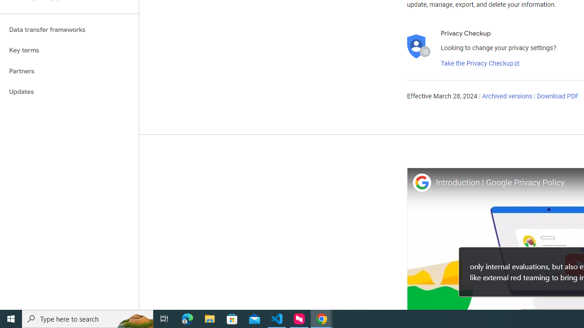 This screenshot has height=328, width=584. Describe the element at coordinates (557, 97) in the screenshot. I see `'Download PDF'` at that location.